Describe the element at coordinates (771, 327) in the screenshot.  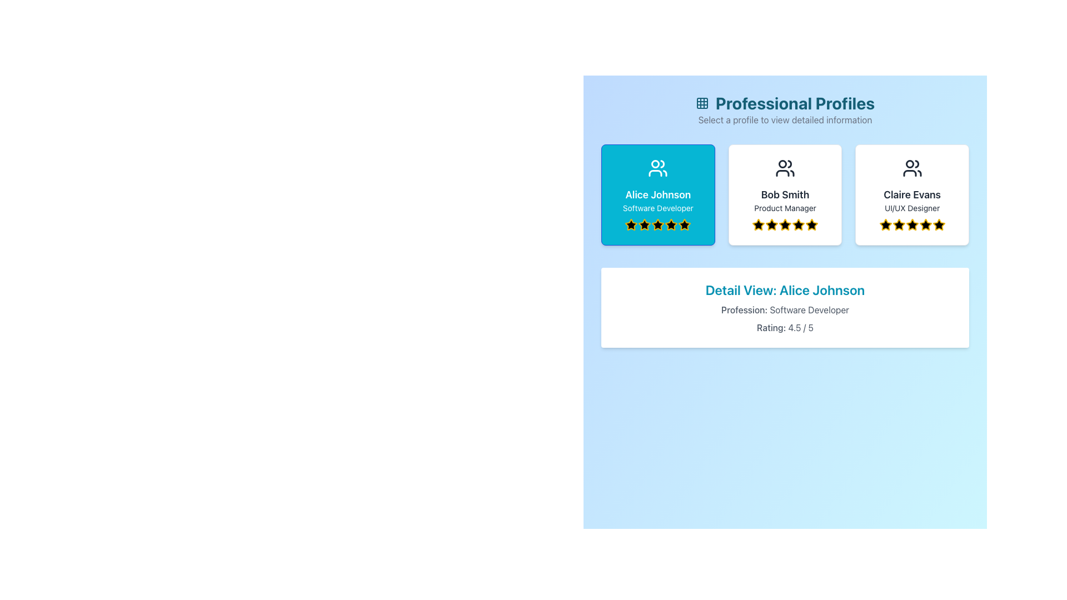
I see `label 'Rating:' which provides context for the numeric rating value in the detail view section of the panel` at that location.